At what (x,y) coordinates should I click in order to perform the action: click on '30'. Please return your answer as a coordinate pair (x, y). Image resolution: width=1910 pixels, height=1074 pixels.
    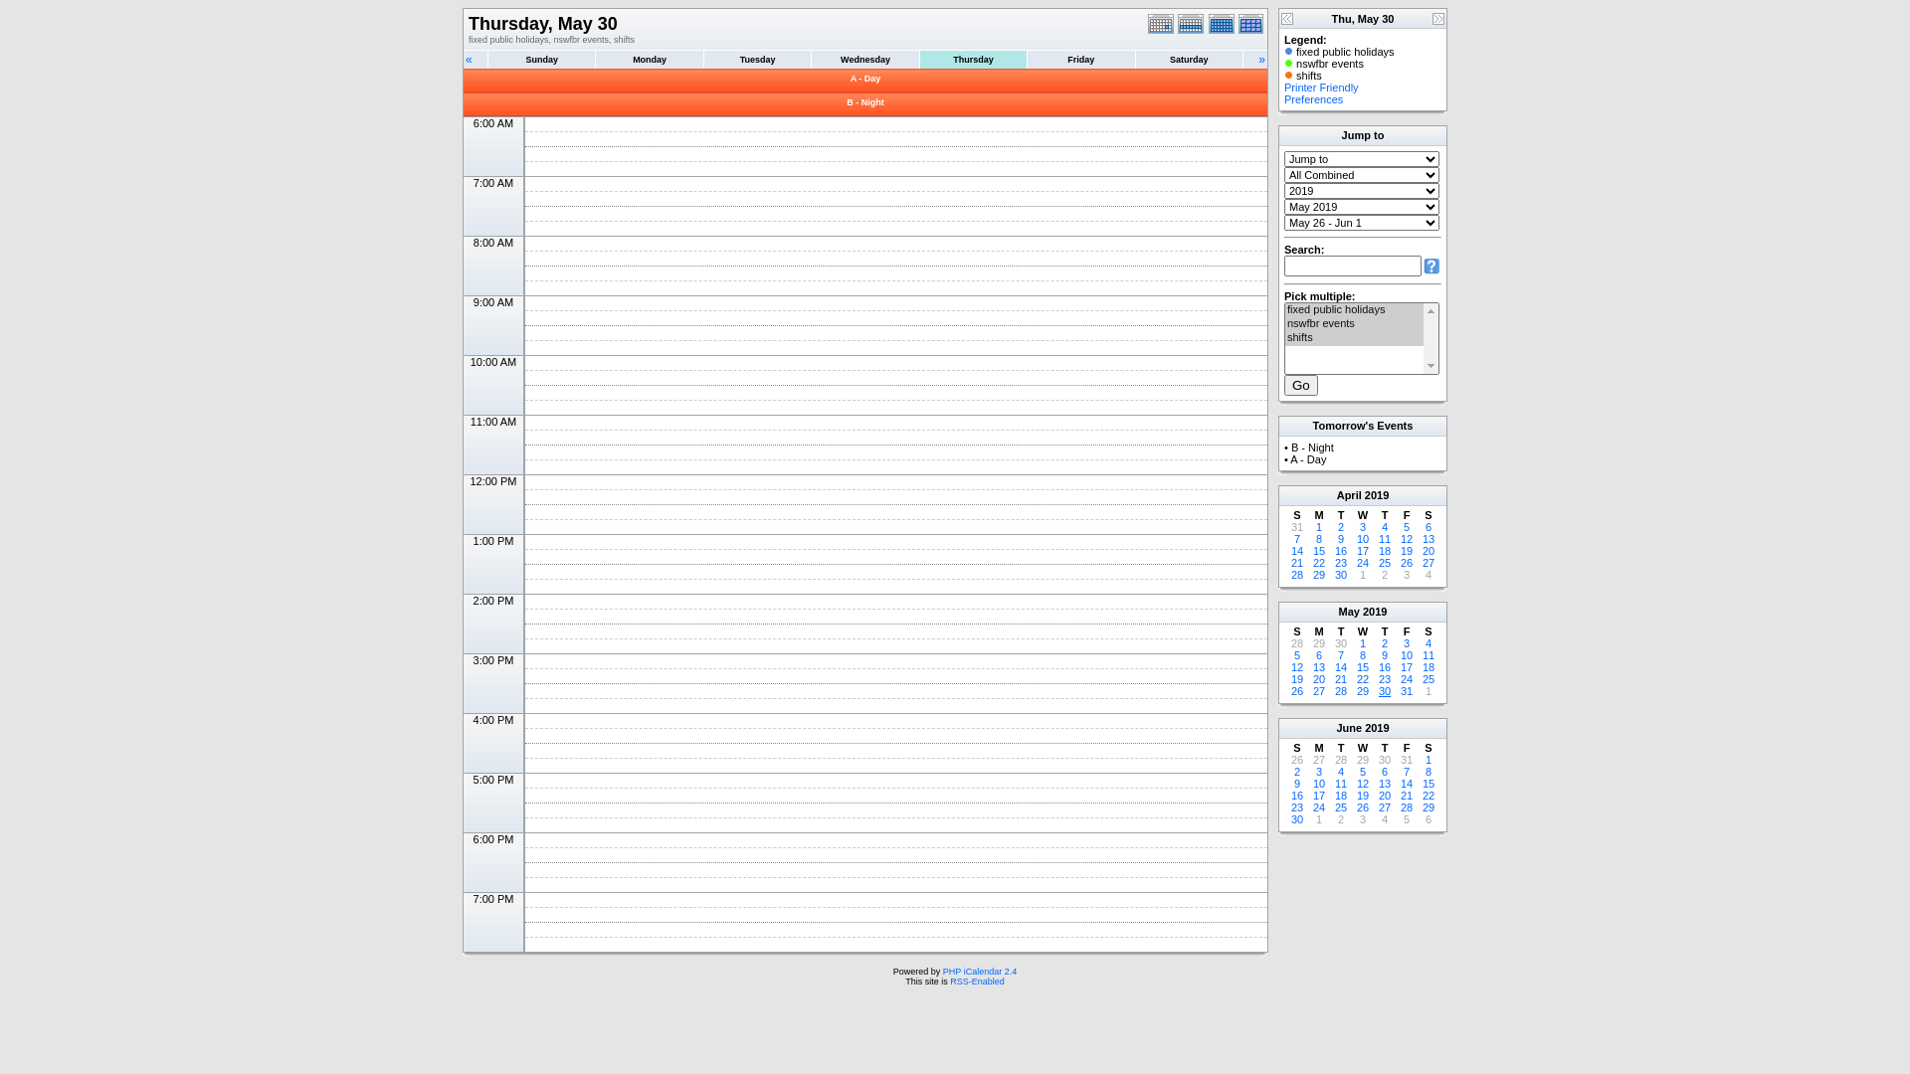
    Looking at the image, I should click on (1384, 759).